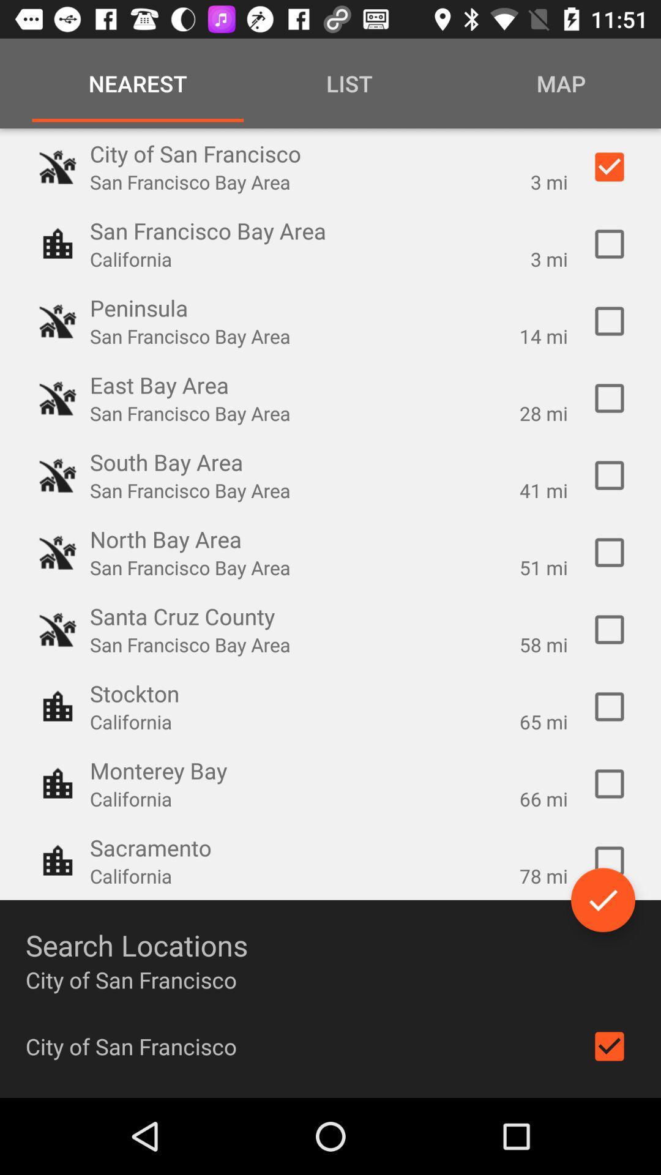 The width and height of the screenshot is (661, 1175). Describe the element at coordinates (349, 83) in the screenshot. I see `the list button` at that location.